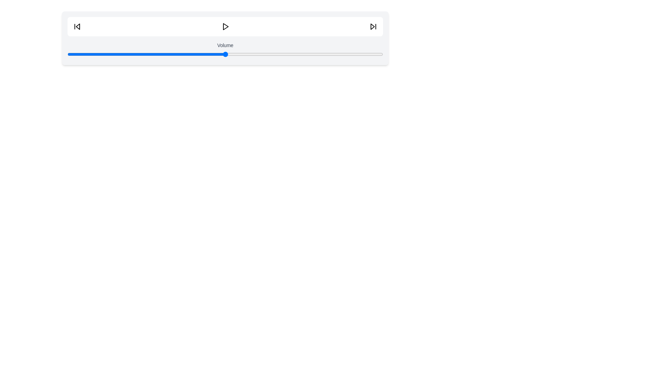 The image size is (665, 374). What do you see at coordinates (225, 26) in the screenshot?
I see `the circular play button with a white triangle icon to change its background color to light green` at bounding box center [225, 26].